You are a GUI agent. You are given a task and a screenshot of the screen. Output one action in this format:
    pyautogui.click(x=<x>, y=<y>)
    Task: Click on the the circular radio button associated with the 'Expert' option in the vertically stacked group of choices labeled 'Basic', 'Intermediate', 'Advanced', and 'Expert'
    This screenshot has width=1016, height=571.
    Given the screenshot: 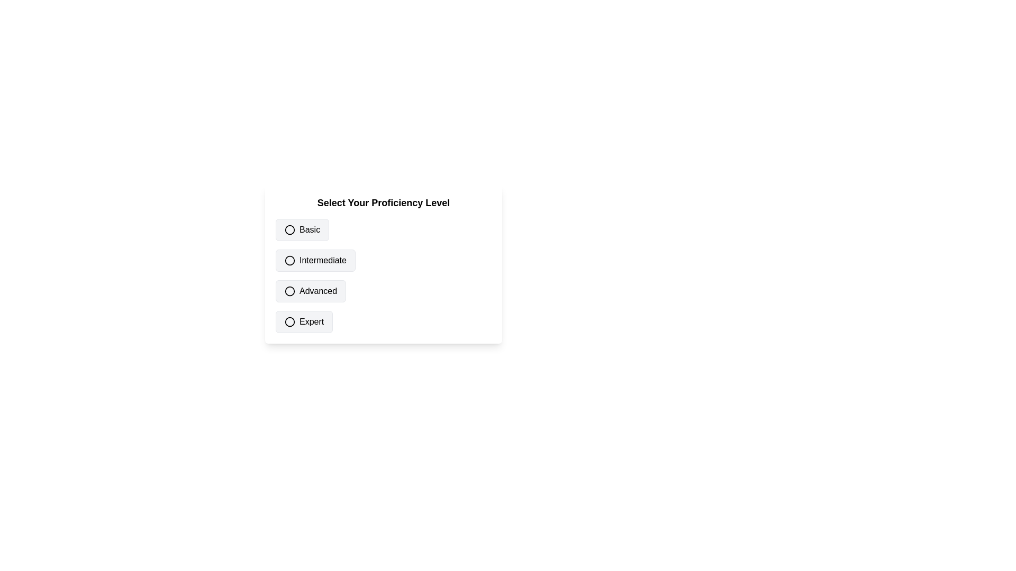 What is the action you would take?
    pyautogui.click(x=289, y=321)
    